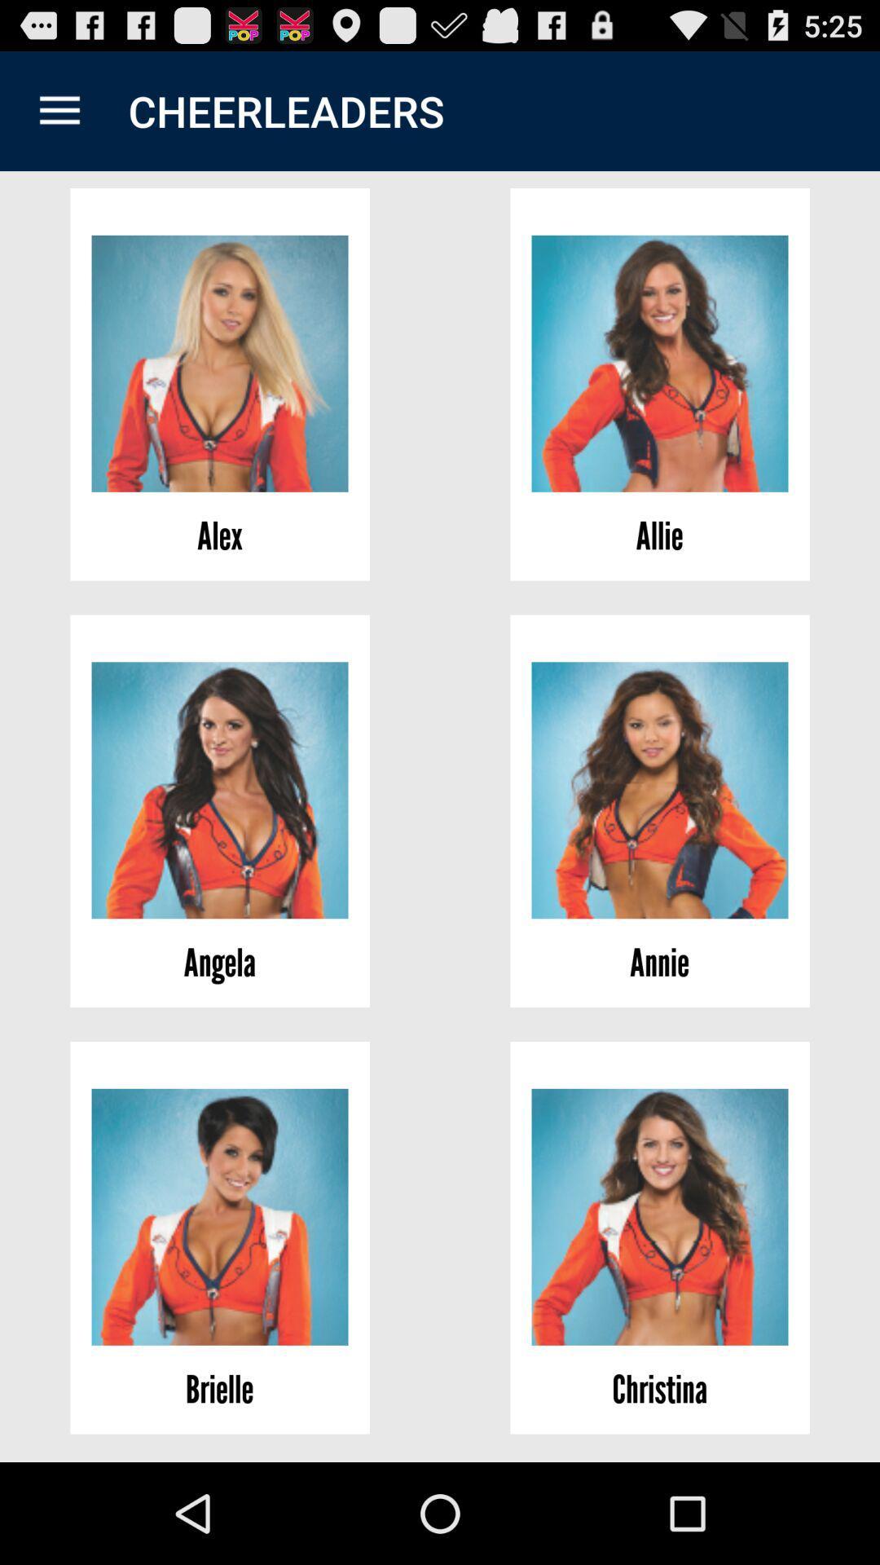  What do you see at coordinates (59, 110) in the screenshot?
I see `the icon to the left of the cheerleaders item` at bounding box center [59, 110].